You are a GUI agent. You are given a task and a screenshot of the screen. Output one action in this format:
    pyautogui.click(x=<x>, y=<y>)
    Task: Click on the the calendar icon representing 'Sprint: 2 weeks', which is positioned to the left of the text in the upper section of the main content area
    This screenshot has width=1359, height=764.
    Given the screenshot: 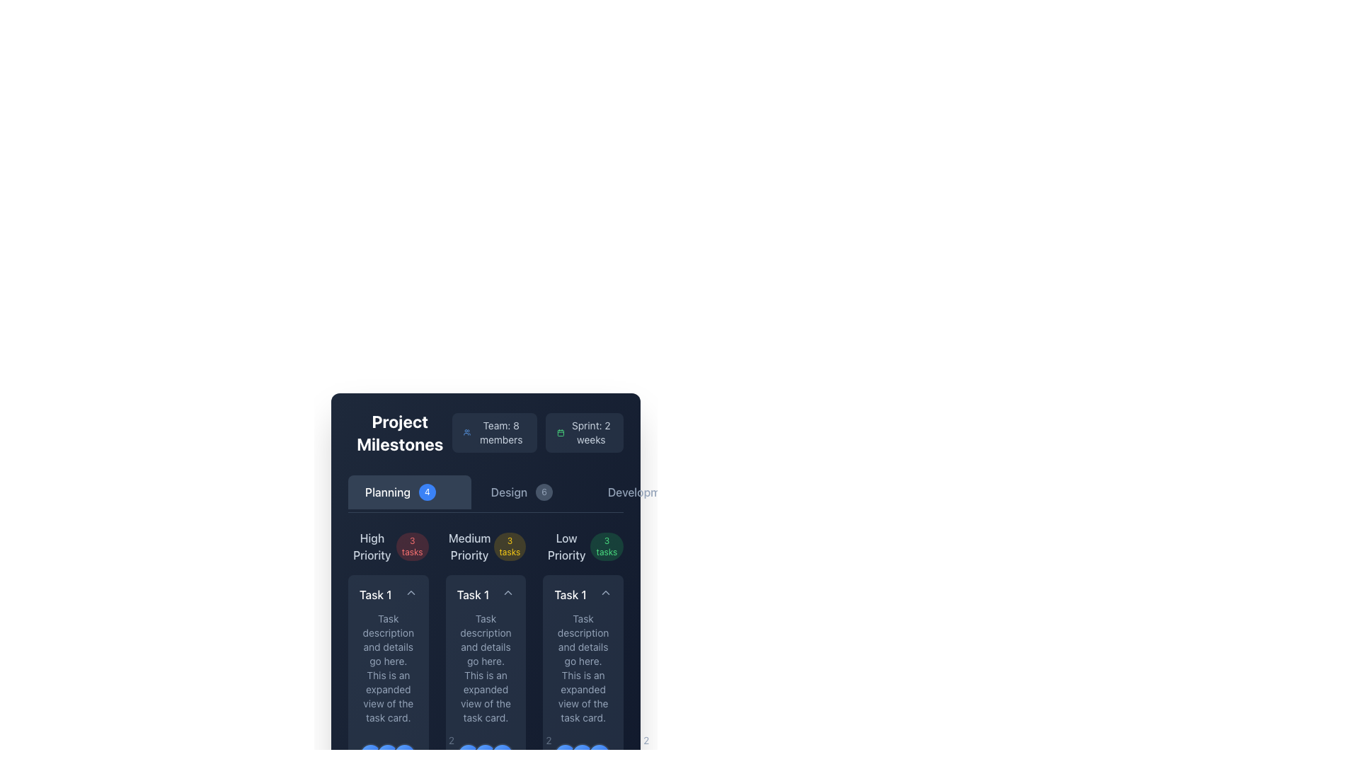 What is the action you would take?
    pyautogui.click(x=560, y=432)
    